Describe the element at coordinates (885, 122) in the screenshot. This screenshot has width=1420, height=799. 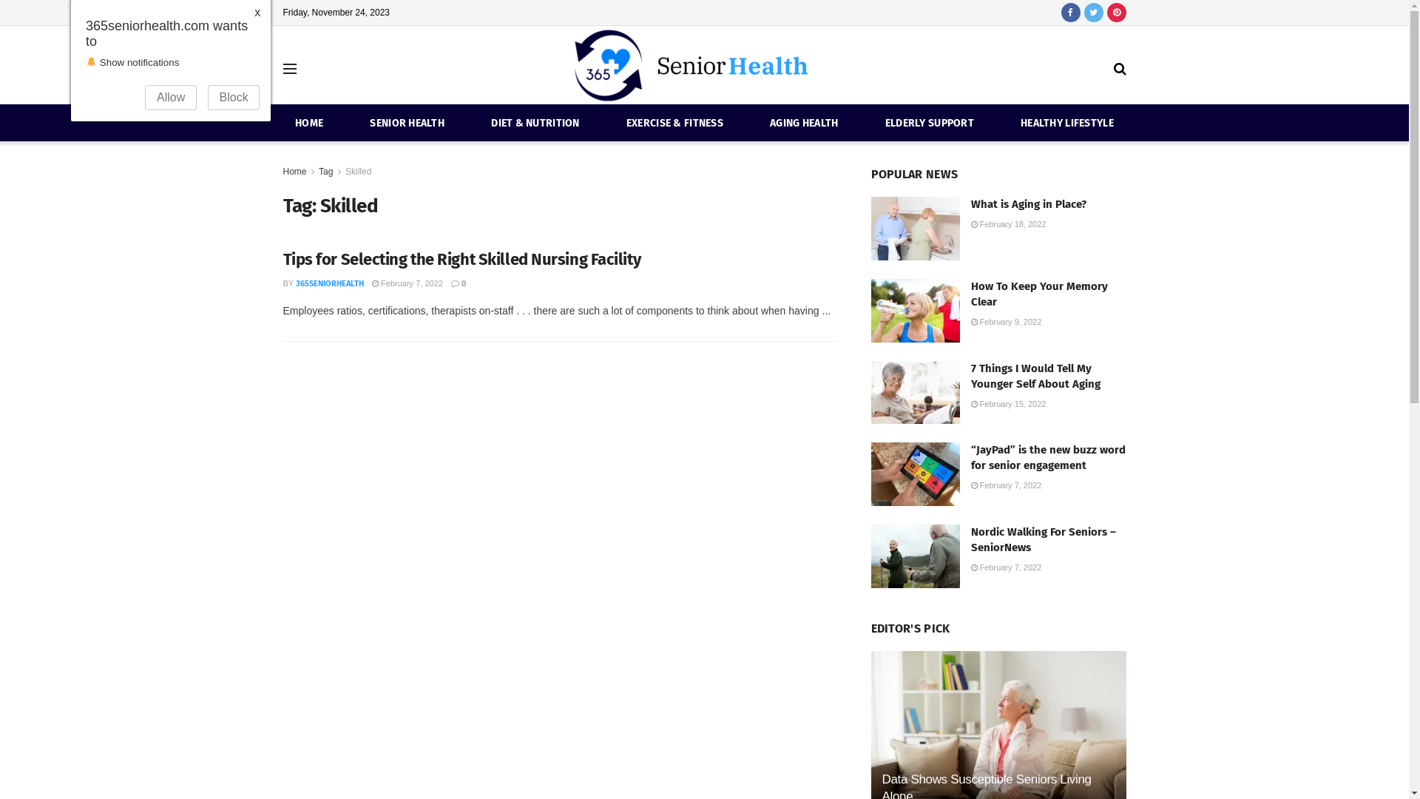
I see `'ELDERLY SUPPORT'` at that location.